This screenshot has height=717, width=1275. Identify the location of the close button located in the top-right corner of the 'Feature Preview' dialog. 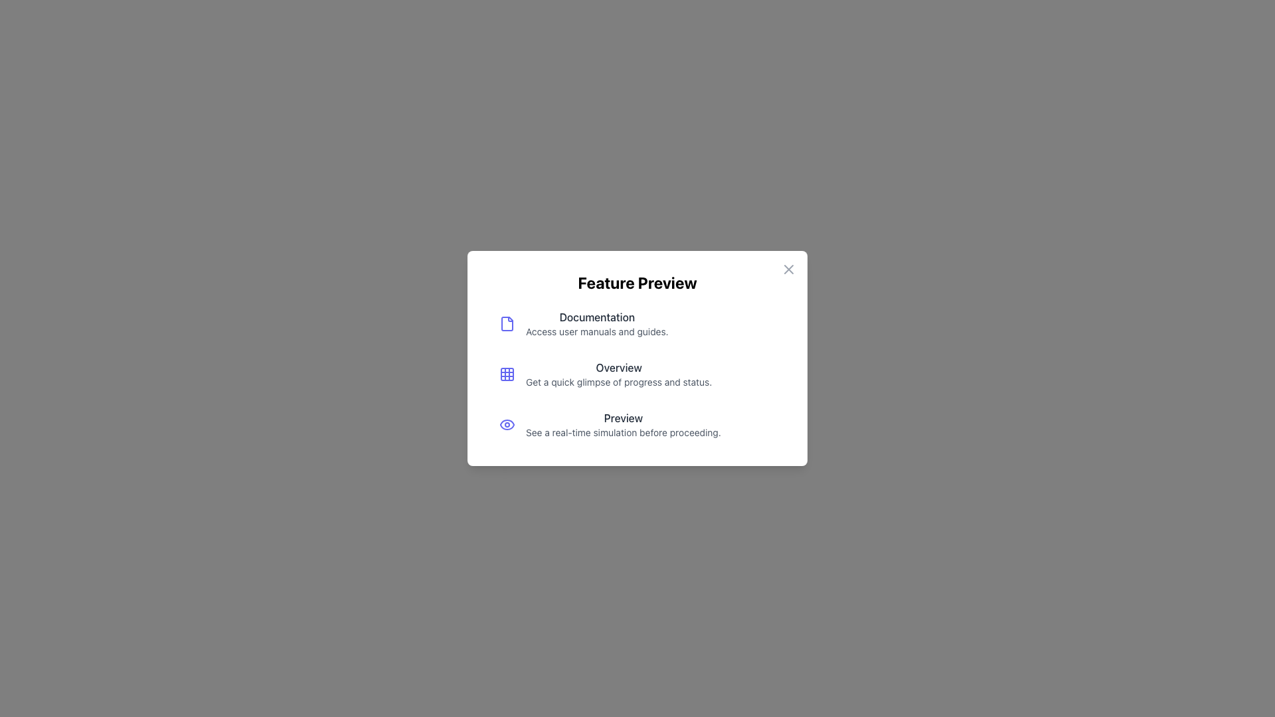
(789, 269).